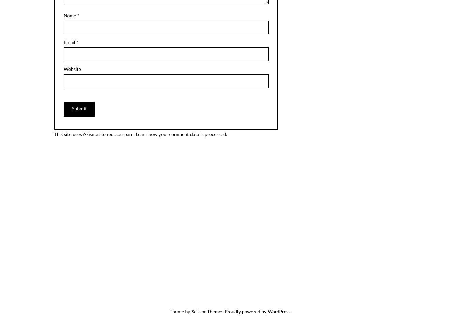 The image size is (460, 324). What do you see at coordinates (63, 42) in the screenshot?
I see `'Email'` at bounding box center [63, 42].